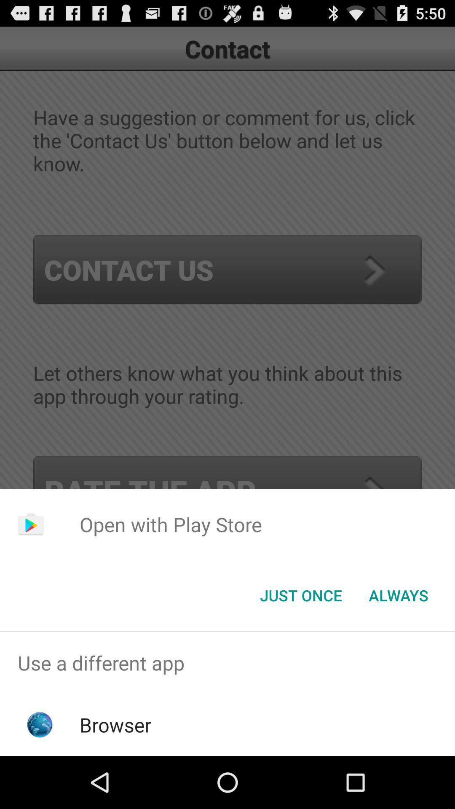 Image resolution: width=455 pixels, height=809 pixels. What do you see at coordinates (227, 662) in the screenshot?
I see `use a different` at bounding box center [227, 662].